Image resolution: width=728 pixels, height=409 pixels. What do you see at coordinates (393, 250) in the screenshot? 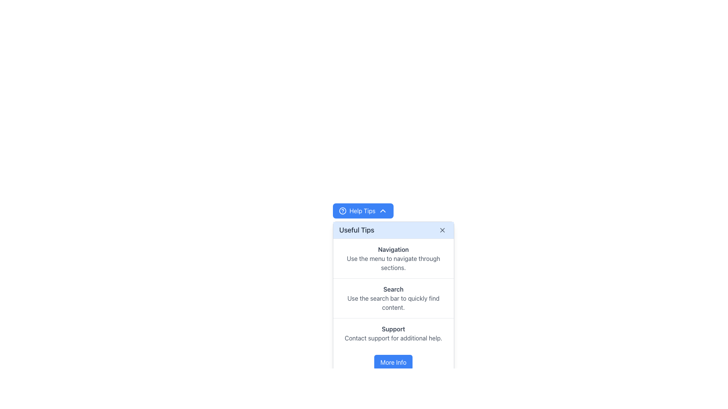
I see `the 'Navigation' text label, which serves as a heading introducing the section within the 'Useful Tips' card interface` at bounding box center [393, 250].